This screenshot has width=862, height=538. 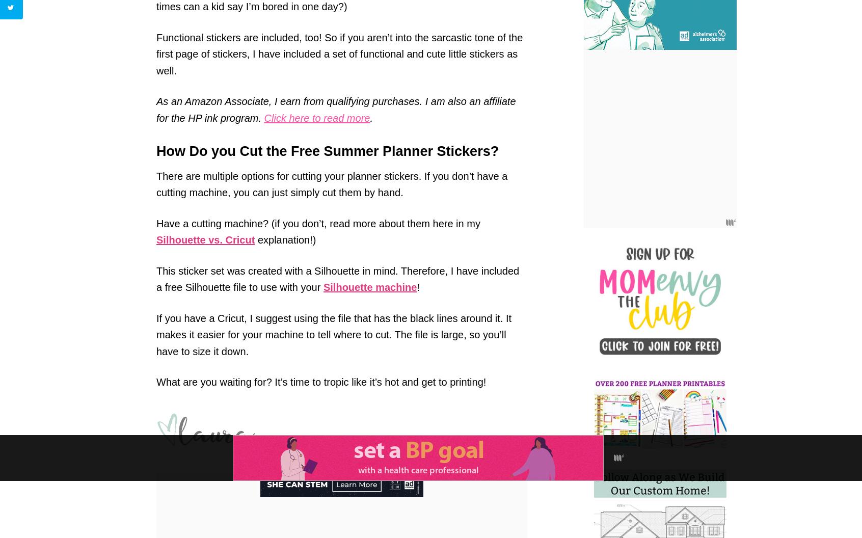 What do you see at coordinates (317, 223) in the screenshot?
I see `'Have a cutting machine? (if you don’t, read more about them here in my'` at bounding box center [317, 223].